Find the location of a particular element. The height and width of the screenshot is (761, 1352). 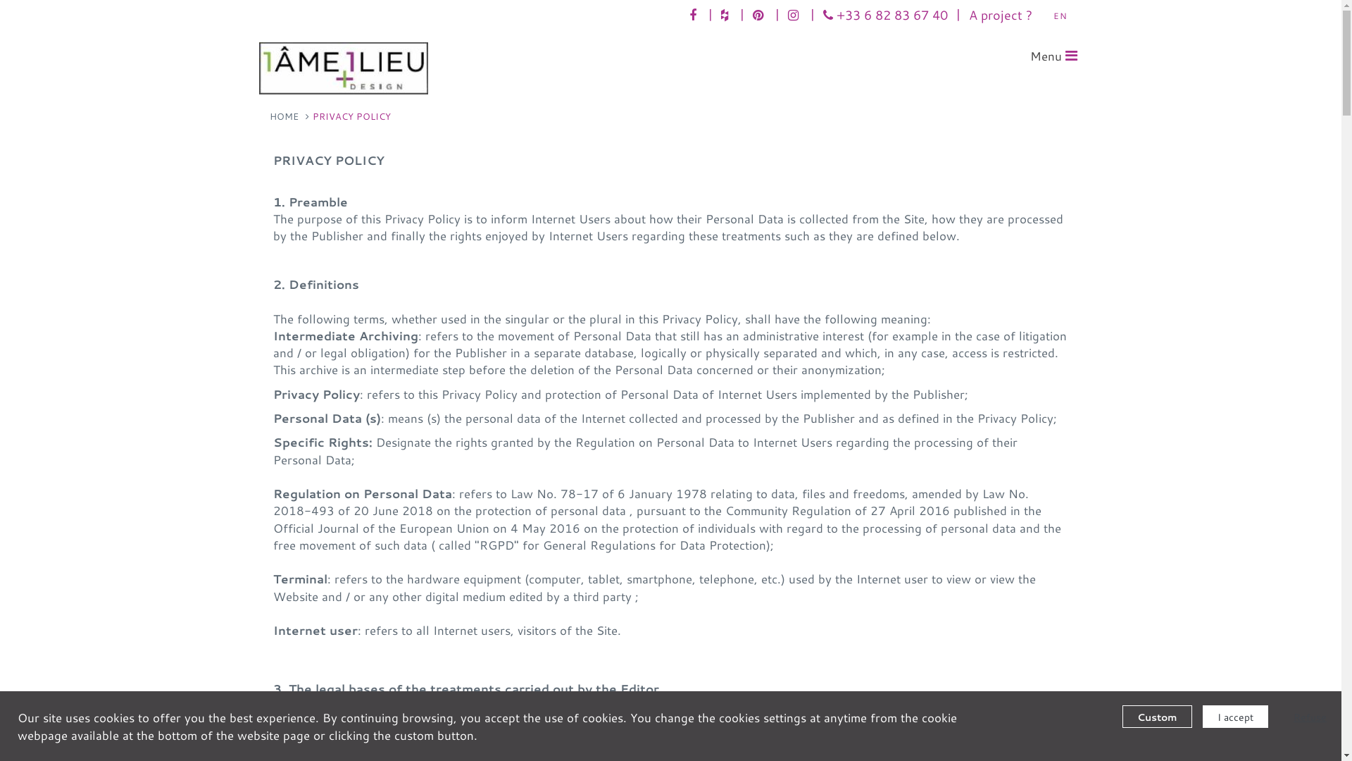

'I accept' is located at coordinates (1234, 717).